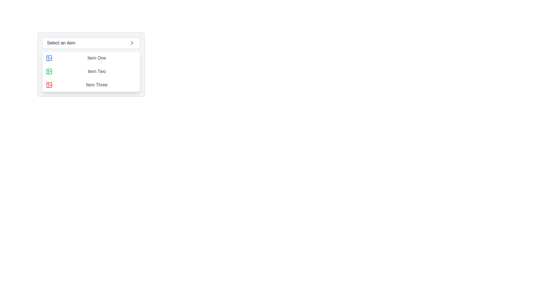  What do you see at coordinates (91, 43) in the screenshot?
I see `the Dropdown Trigger element` at bounding box center [91, 43].